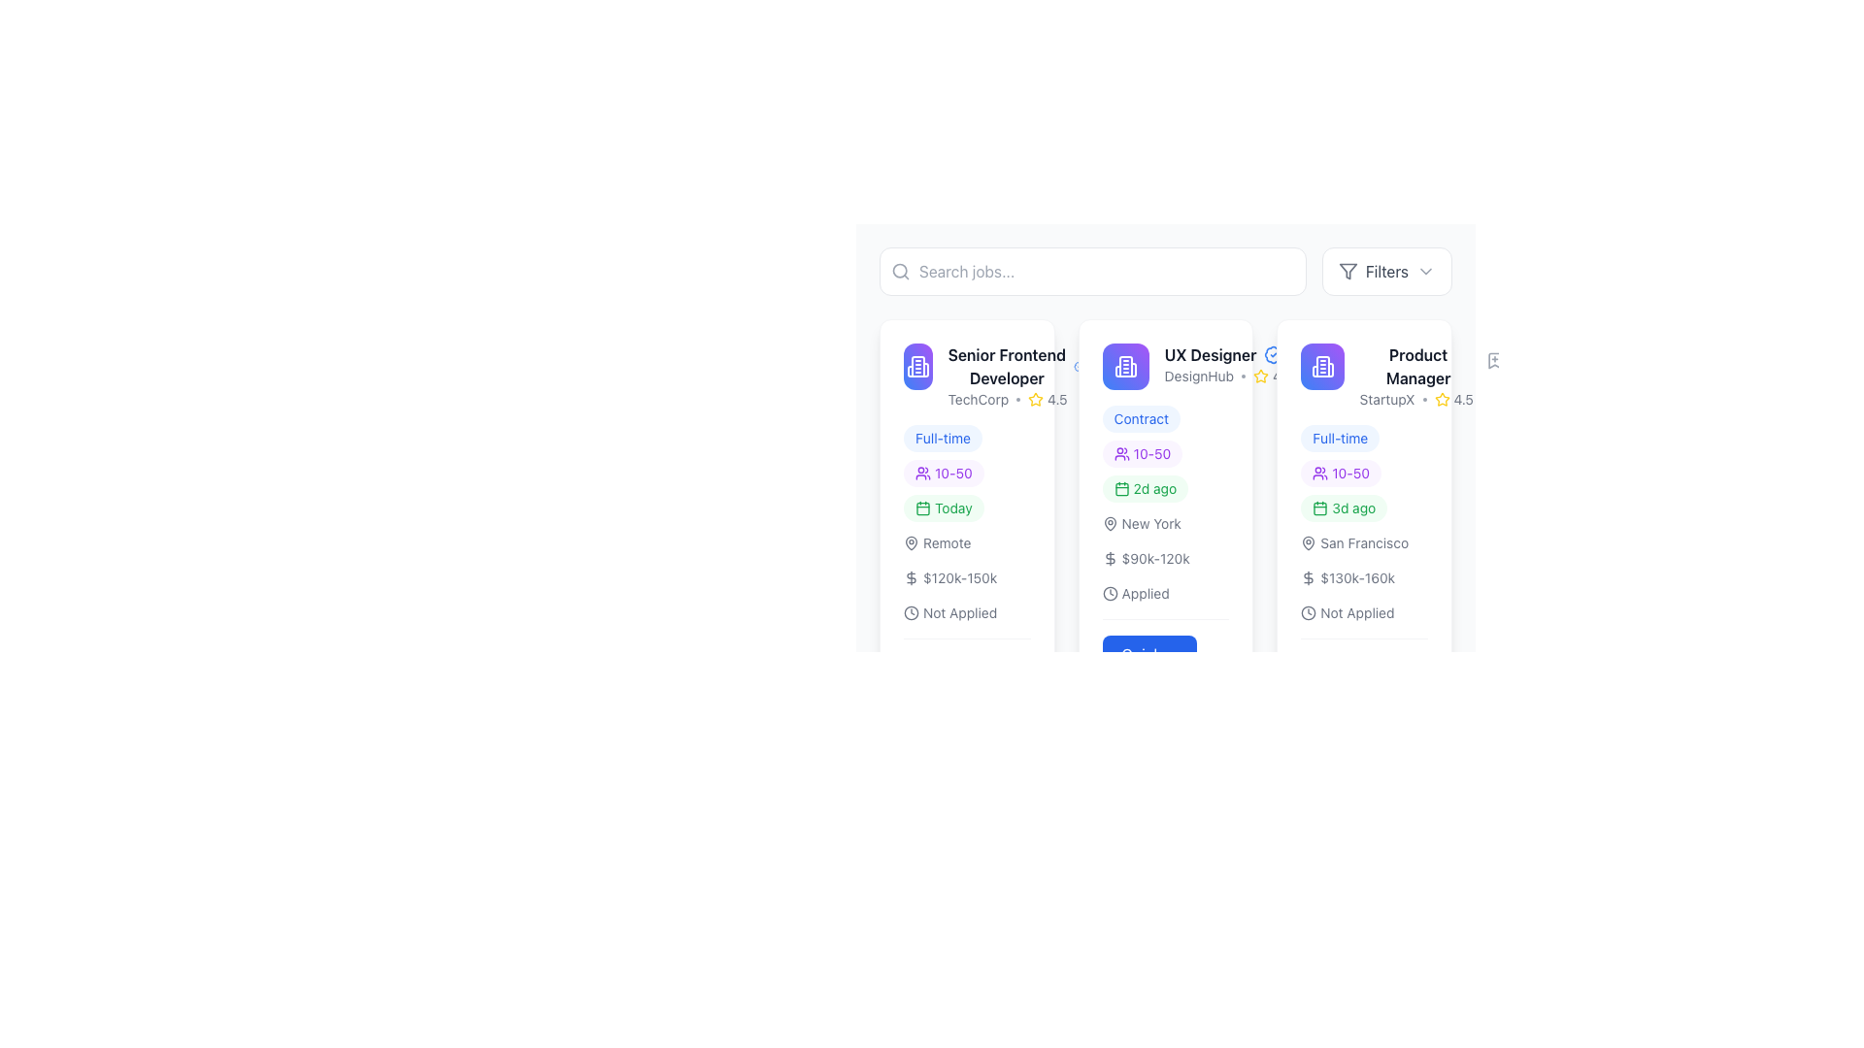  I want to click on text of the time elapsed badge located under the '10-50' badge in the horizontal row of tags for the 'Product Manager' job listing, so click(1343, 508).